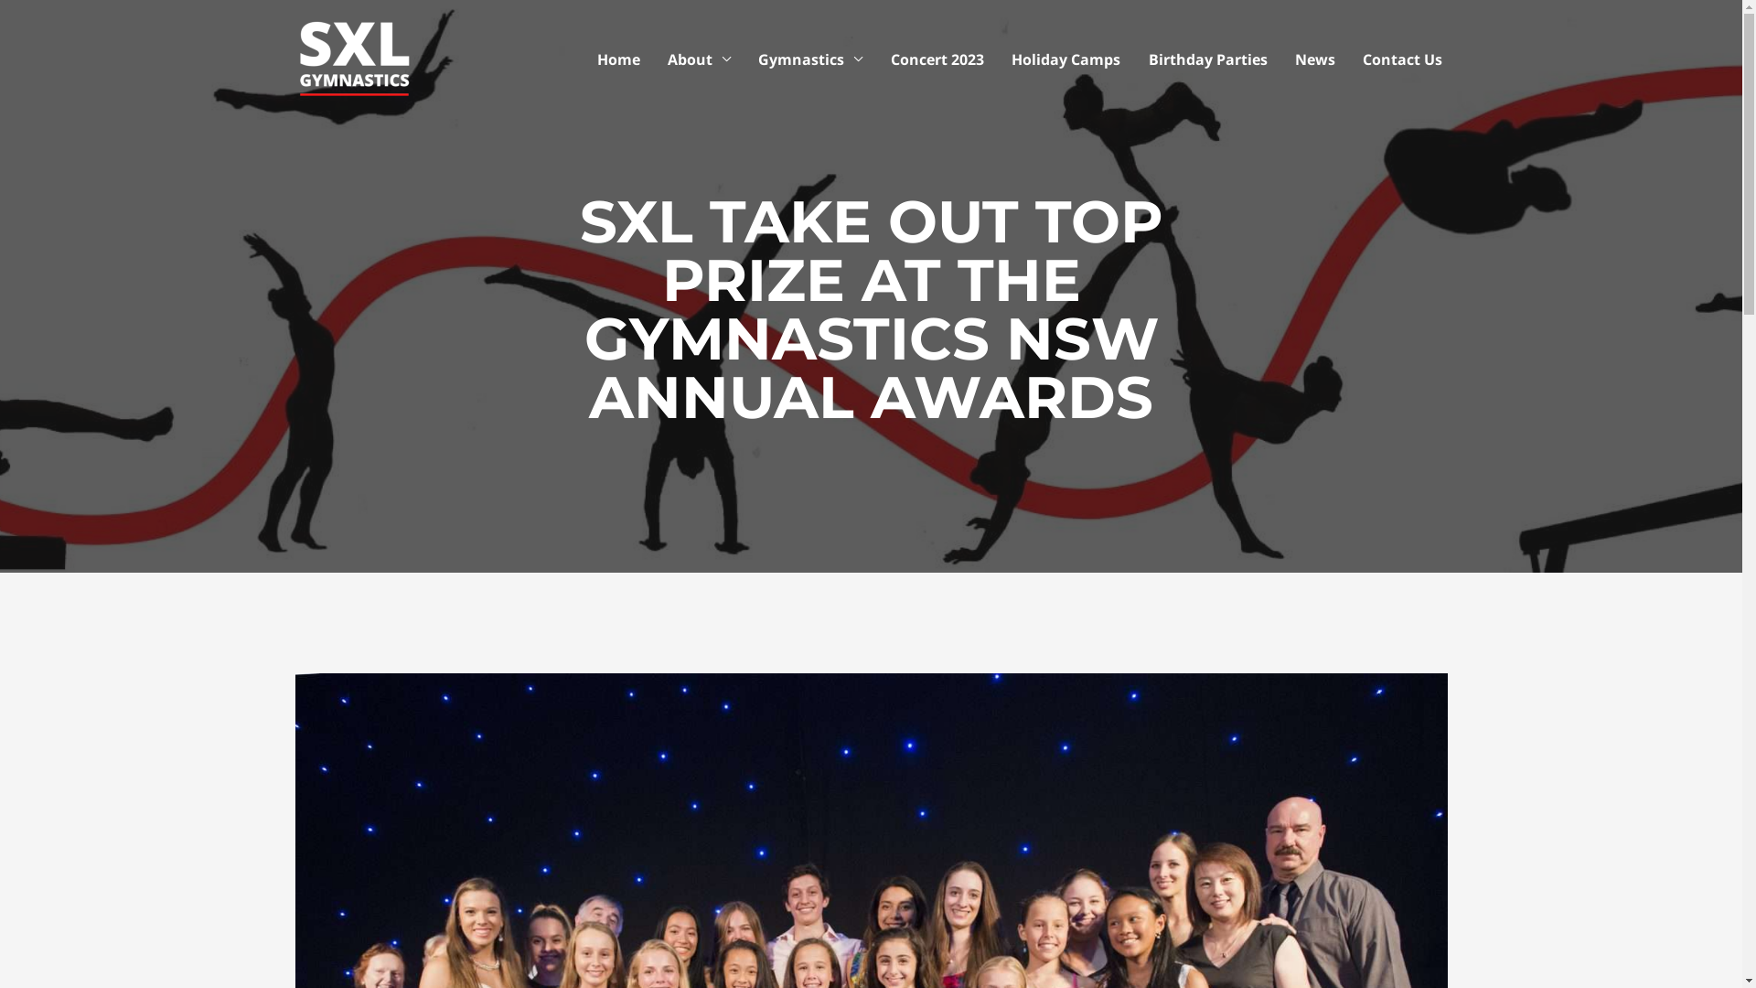 The image size is (1756, 988). What do you see at coordinates (876, 59) in the screenshot?
I see `'Concert 2023'` at bounding box center [876, 59].